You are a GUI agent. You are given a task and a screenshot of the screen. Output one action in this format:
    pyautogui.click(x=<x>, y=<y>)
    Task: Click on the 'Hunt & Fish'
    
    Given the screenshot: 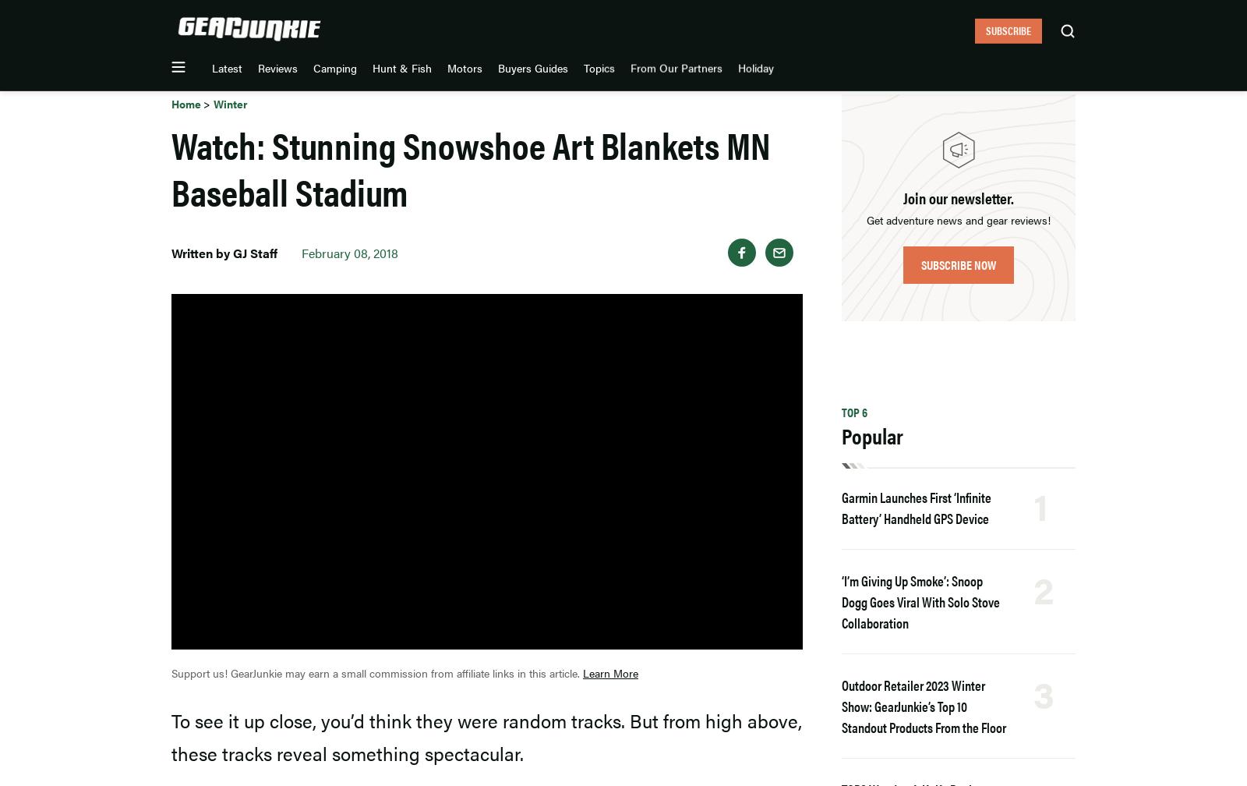 What is the action you would take?
    pyautogui.click(x=527, y=25)
    